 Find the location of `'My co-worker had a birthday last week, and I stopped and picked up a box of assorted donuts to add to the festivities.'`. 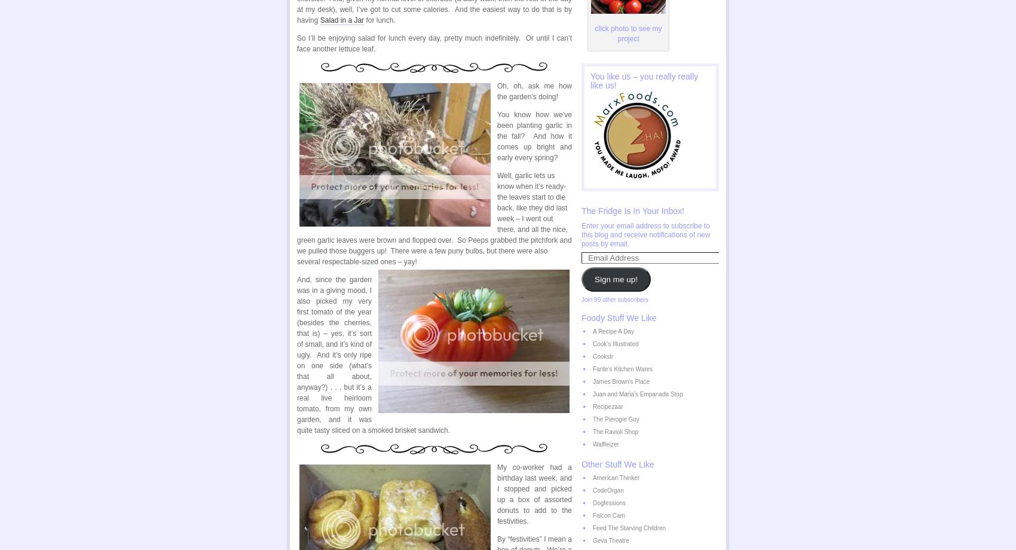

'My co-worker had a birthday last week, and I stopped and picked up a box of assorted donuts to add to the festivities.' is located at coordinates (534, 493).